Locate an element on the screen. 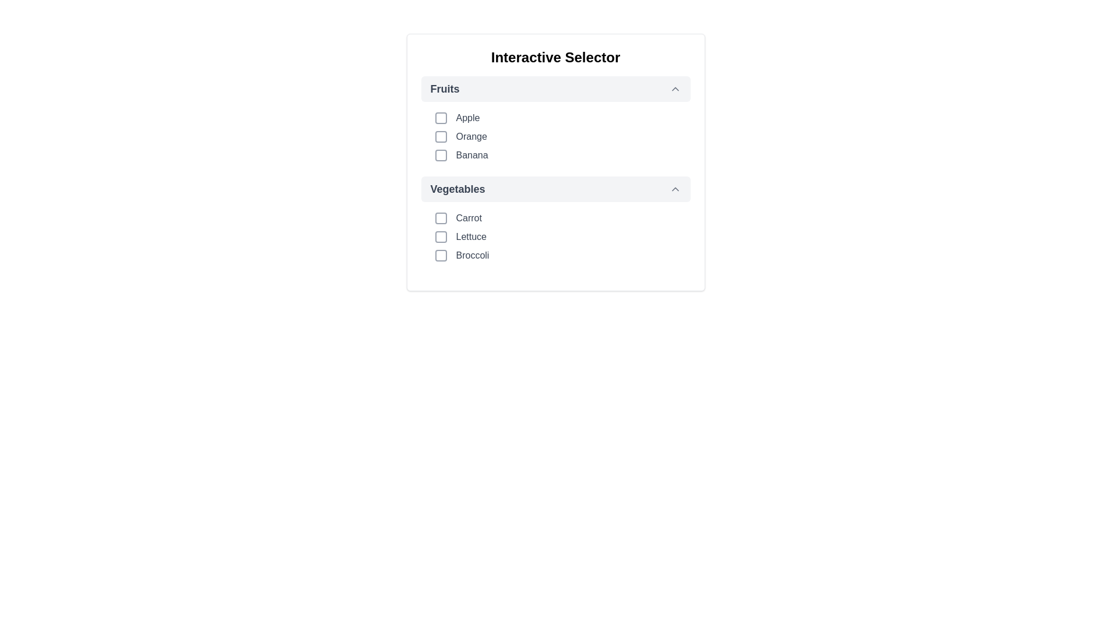  the checkbox located in the 'Vegetables' section adjacent to the label 'Carrot' to trigger tooltip or highlighting effects is located at coordinates (440, 218).